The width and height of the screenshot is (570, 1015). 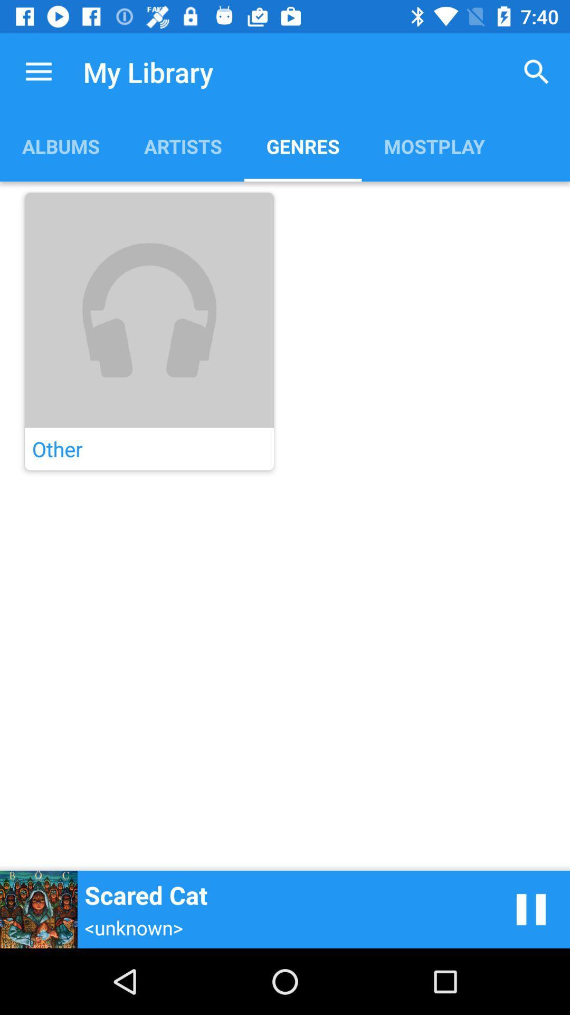 I want to click on item above mostplay icon, so click(x=537, y=71).